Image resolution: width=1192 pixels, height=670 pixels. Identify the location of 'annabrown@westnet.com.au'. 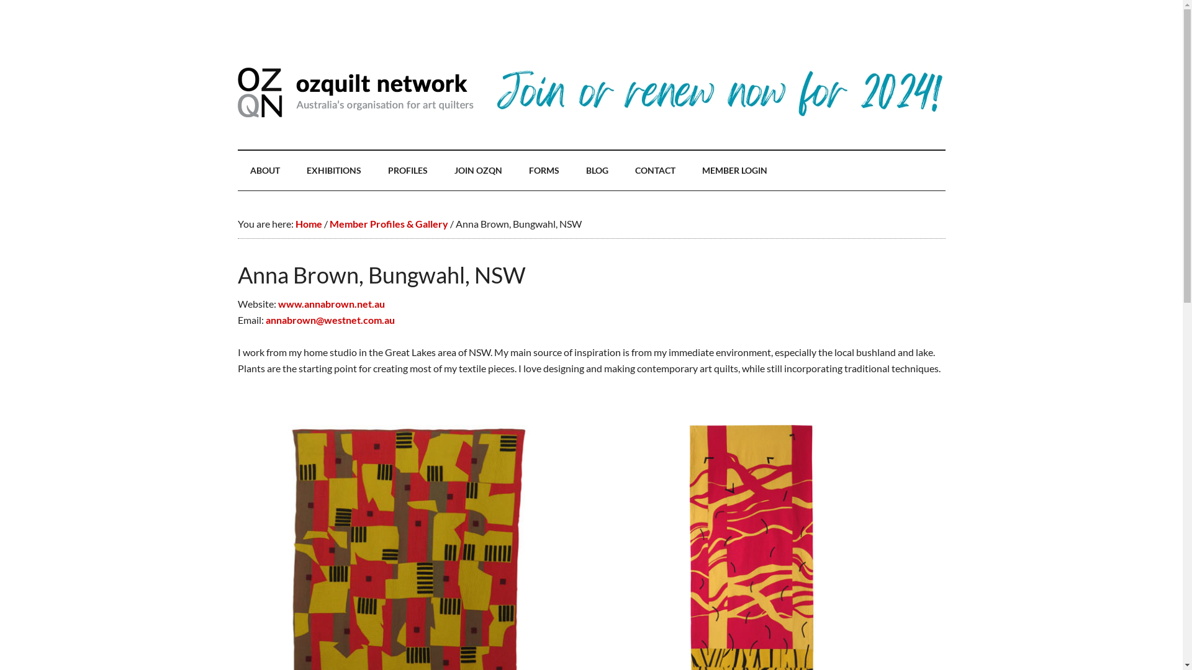
(264, 319).